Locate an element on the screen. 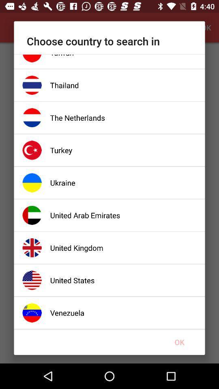 Image resolution: width=219 pixels, height=389 pixels. ok icon is located at coordinates (179, 342).